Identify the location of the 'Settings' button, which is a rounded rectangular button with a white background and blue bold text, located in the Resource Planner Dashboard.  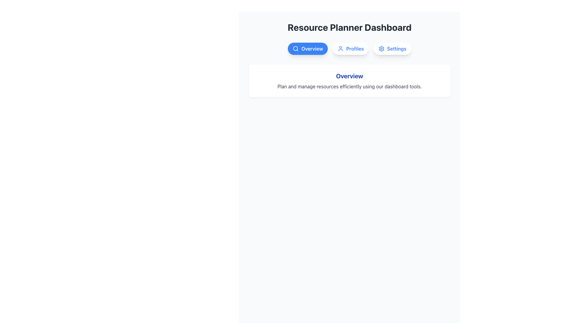
(392, 48).